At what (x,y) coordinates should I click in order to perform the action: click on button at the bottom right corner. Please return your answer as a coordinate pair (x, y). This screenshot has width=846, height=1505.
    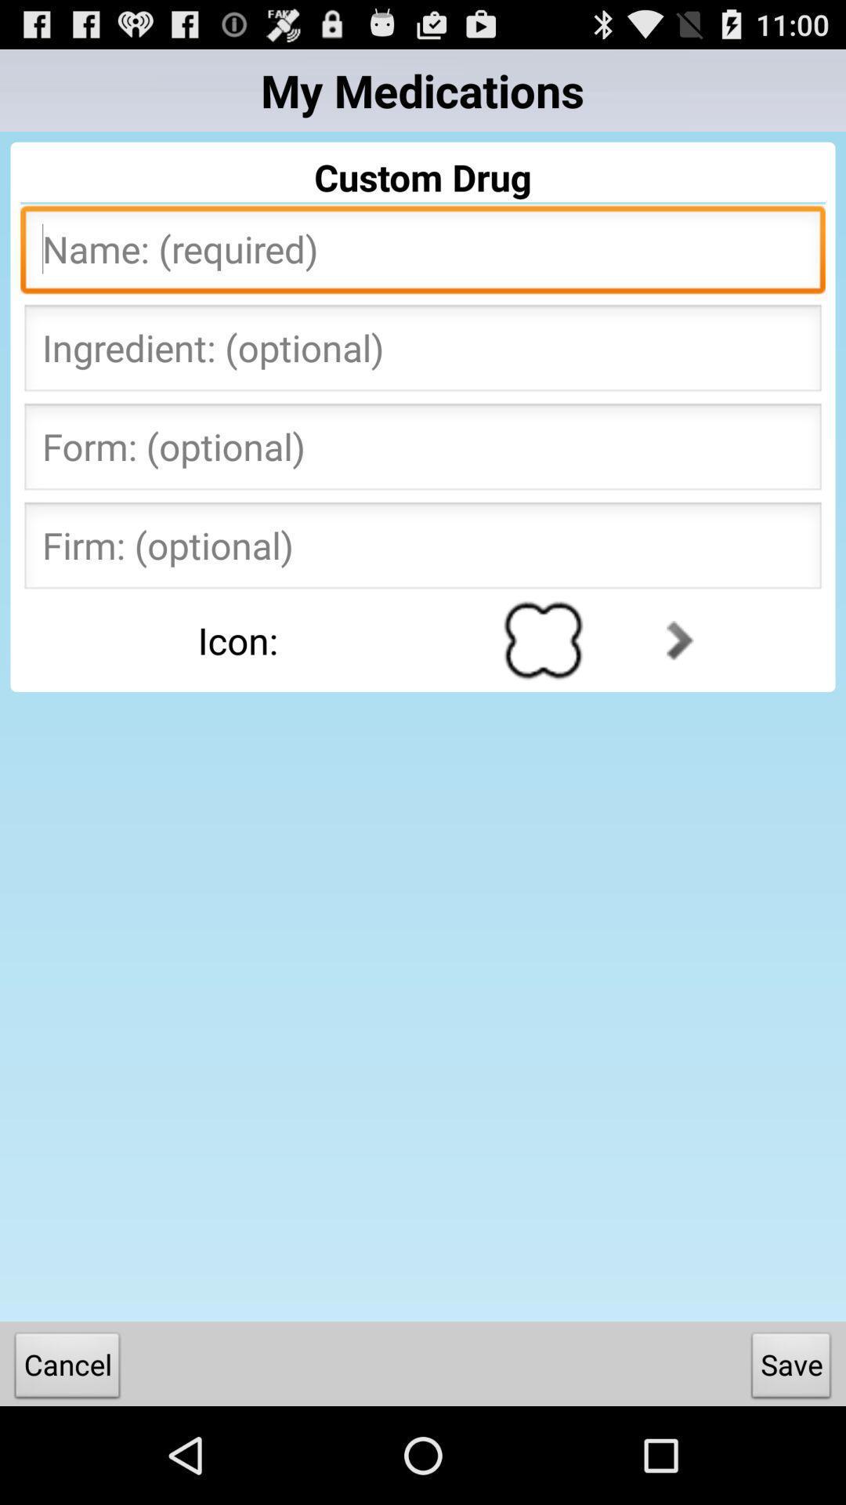
    Looking at the image, I should click on (791, 1368).